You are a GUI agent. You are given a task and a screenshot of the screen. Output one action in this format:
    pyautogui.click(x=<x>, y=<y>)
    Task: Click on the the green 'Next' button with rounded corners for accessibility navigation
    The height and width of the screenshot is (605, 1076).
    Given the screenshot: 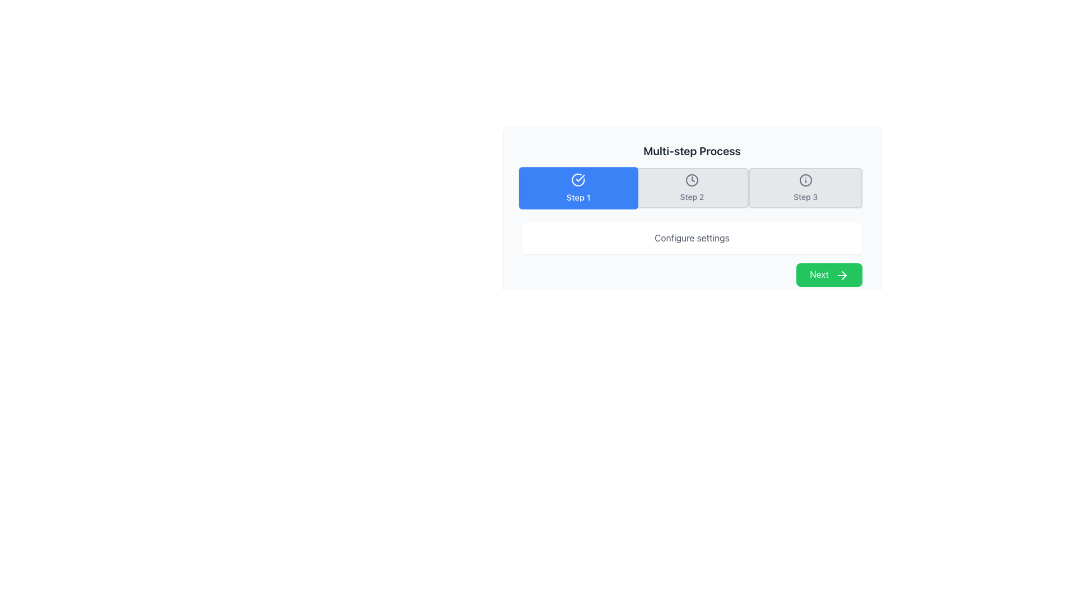 What is the action you would take?
    pyautogui.click(x=829, y=274)
    